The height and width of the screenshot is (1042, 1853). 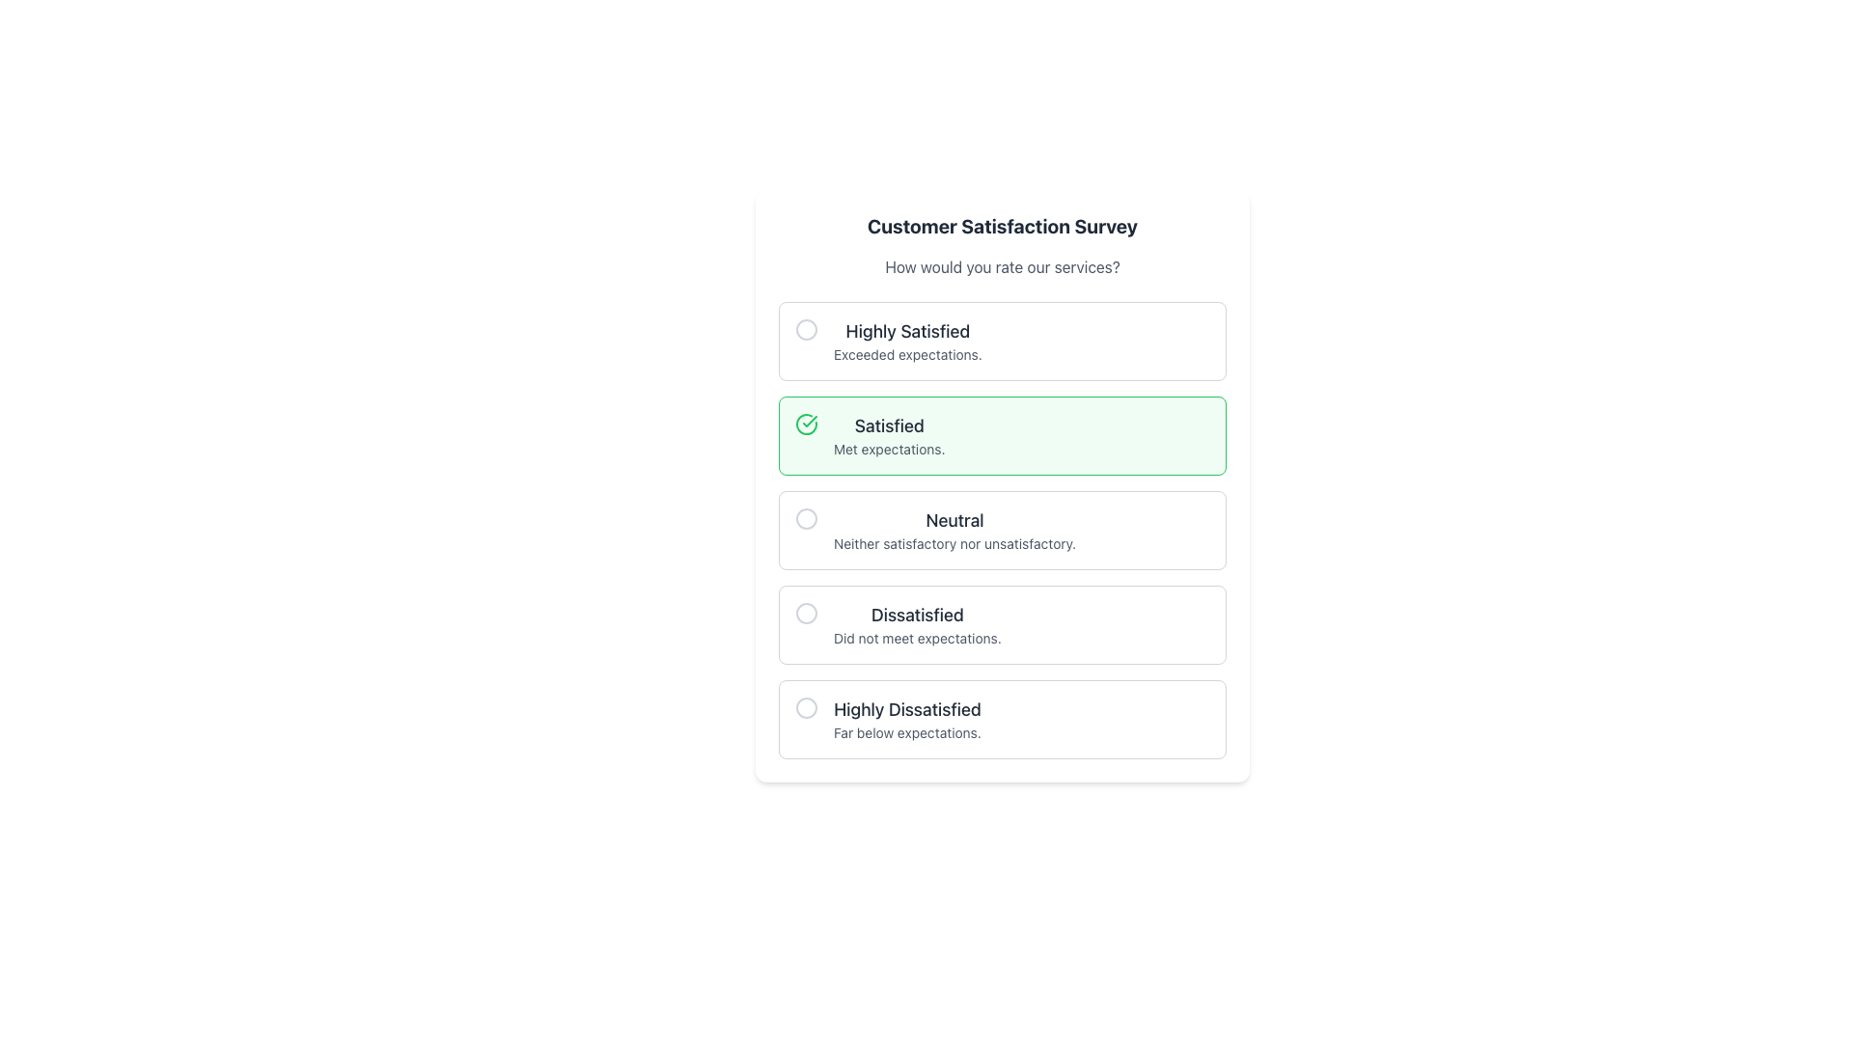 I want to click on the circular radio button icon with a gray border and white center located to the left of the 'Neutral' label in the customer satisfaction survey, so click(x=806, y=517).